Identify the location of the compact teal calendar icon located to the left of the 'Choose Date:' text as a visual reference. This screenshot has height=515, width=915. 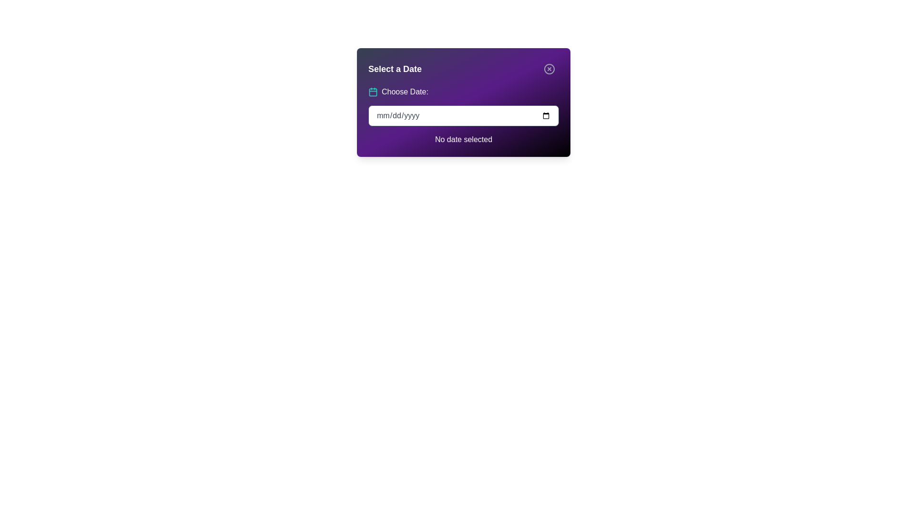
(372, 92).